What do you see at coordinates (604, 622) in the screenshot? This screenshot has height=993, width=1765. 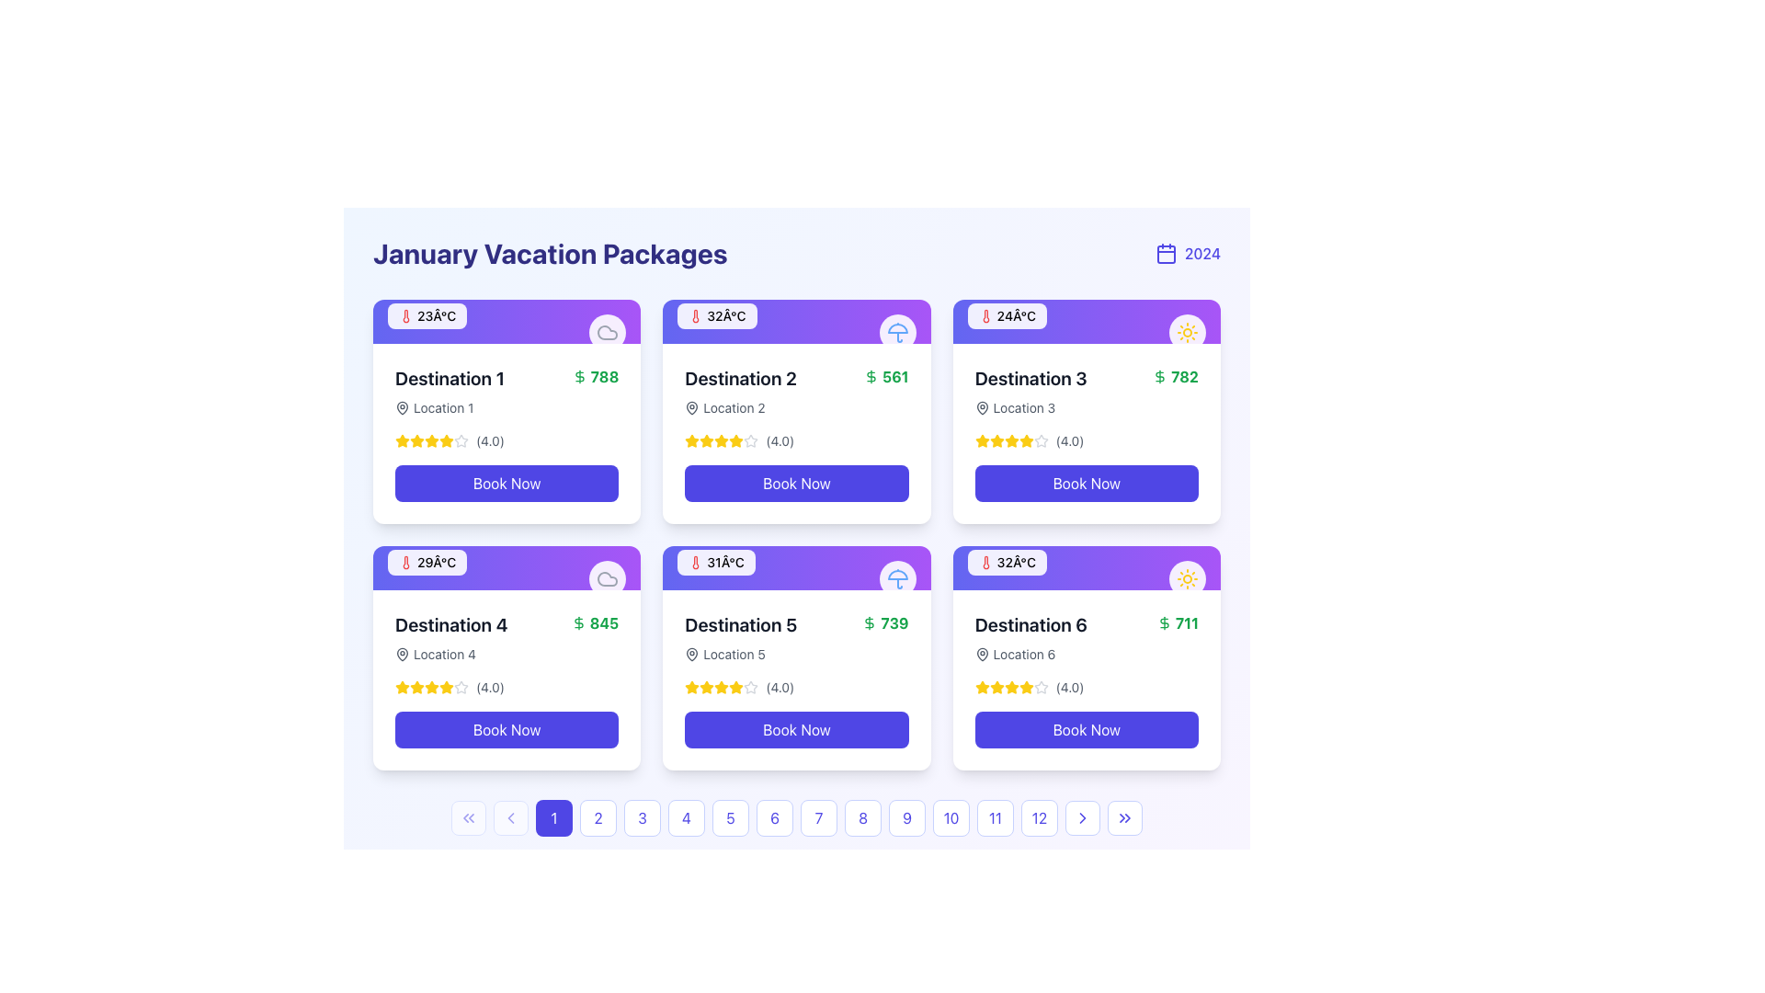 I see `the bold green text displaying the number '845' in the card for 'Destination 4', which is positioned below the temperature section and above the 'Book Now' button` at bounding box center [604, 622].